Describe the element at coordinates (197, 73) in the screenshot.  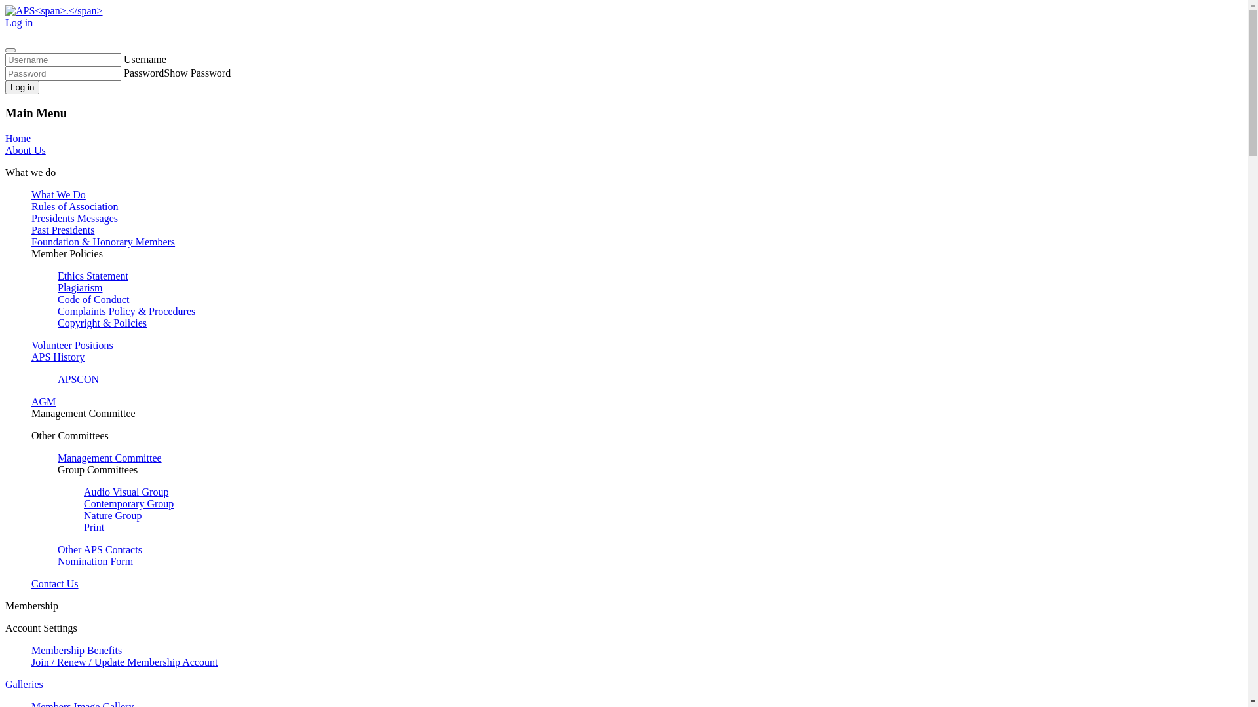
I see `'Show Password'` at that location.